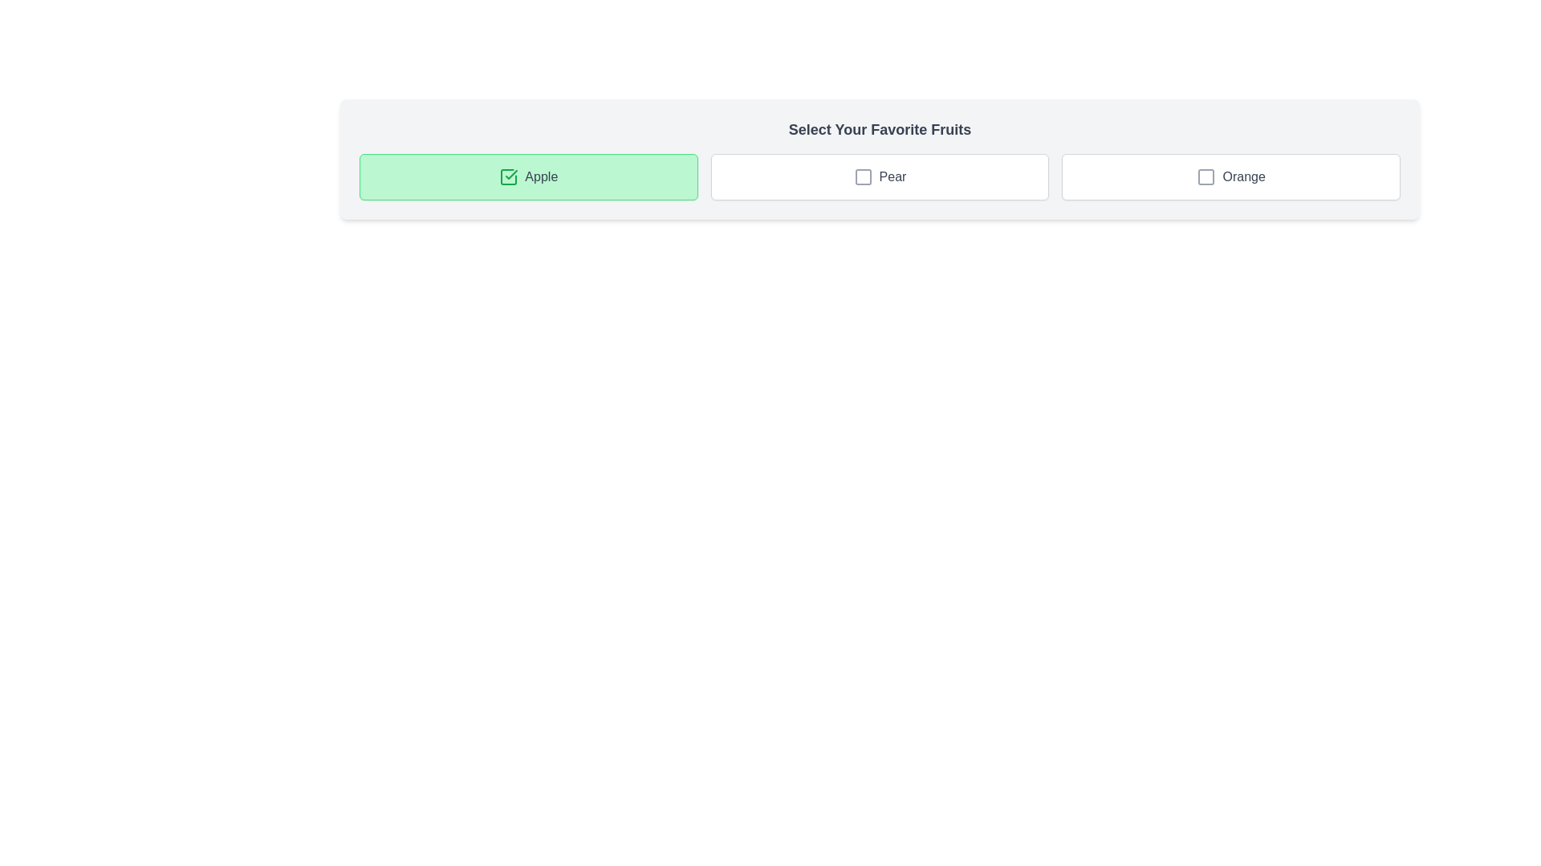  I want to click on the gray square-shaped icon with a rounded border located to the left of the text labeled 'Pear', so click(862, 176).